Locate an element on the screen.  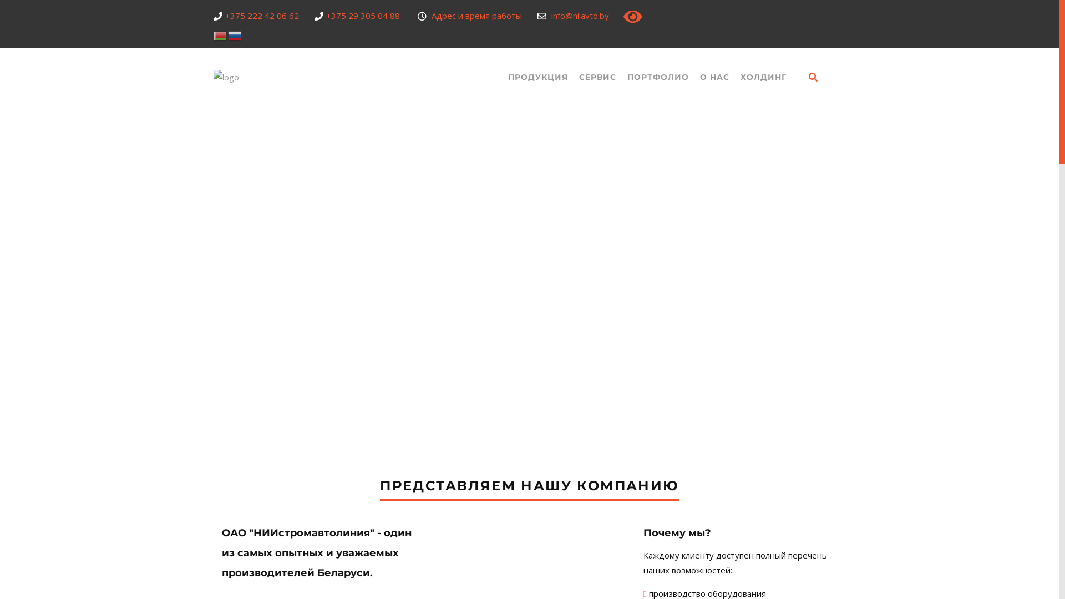
'info@niiavto.by' is located at coordinates (693, 475).